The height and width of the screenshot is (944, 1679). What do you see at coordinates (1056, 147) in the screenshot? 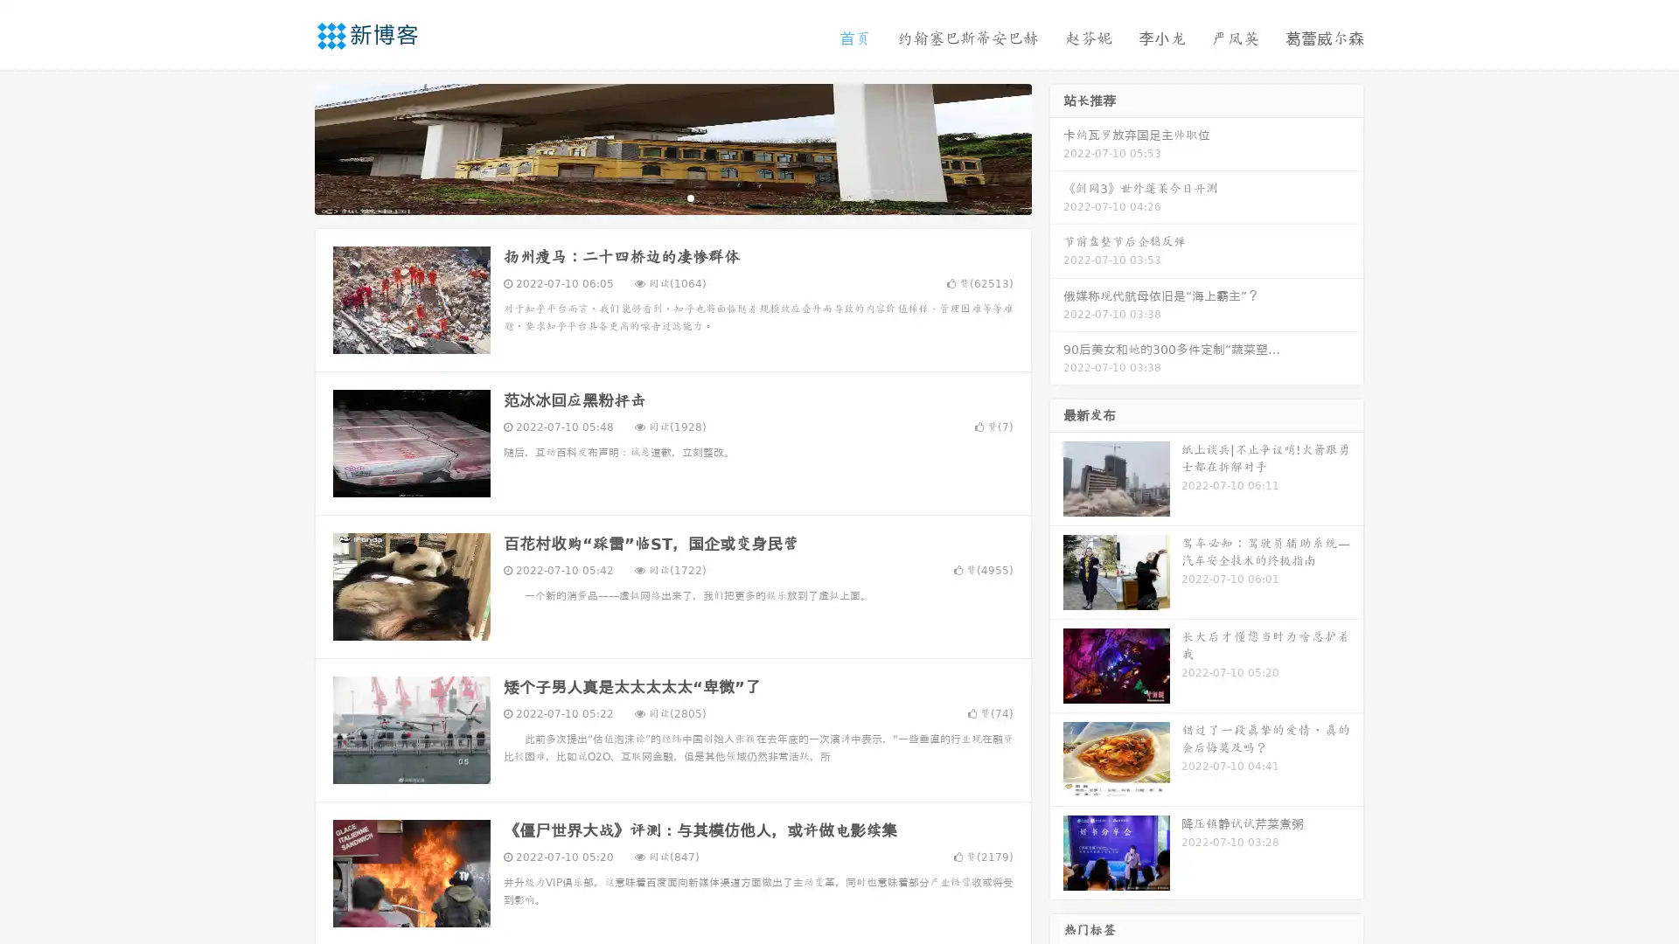
I see `Next slide` at bounding box center [1056, 147].